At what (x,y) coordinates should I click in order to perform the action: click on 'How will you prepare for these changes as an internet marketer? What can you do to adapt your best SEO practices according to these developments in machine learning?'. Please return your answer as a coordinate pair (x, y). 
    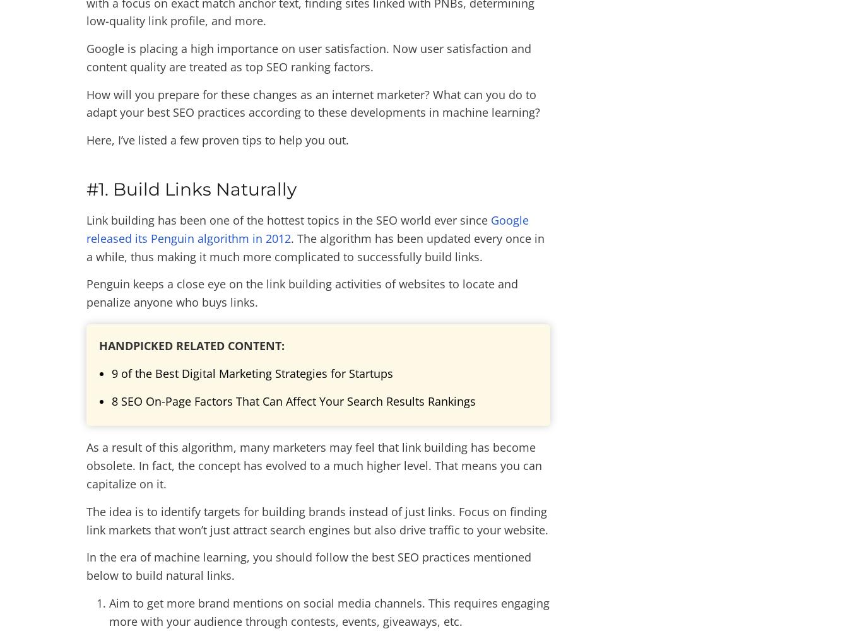
    Looking at the image, I should click on (313, 102).